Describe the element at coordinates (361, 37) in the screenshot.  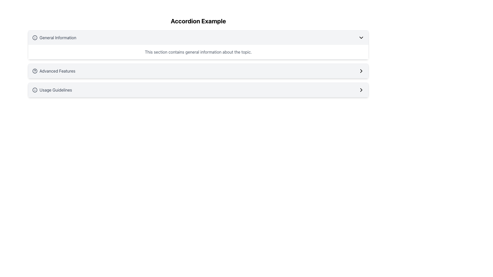
I see `the downward-pointing gray chevron icon located at the far right of the 'General Information' panel's header` at that location.